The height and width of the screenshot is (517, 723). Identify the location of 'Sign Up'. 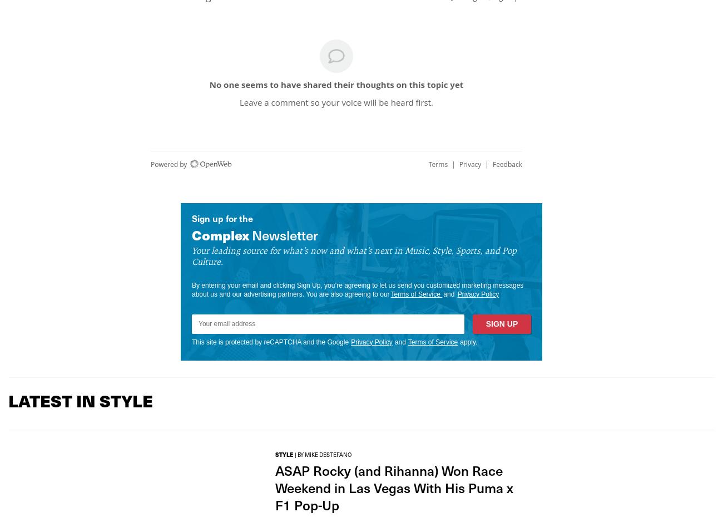
(501, 323).